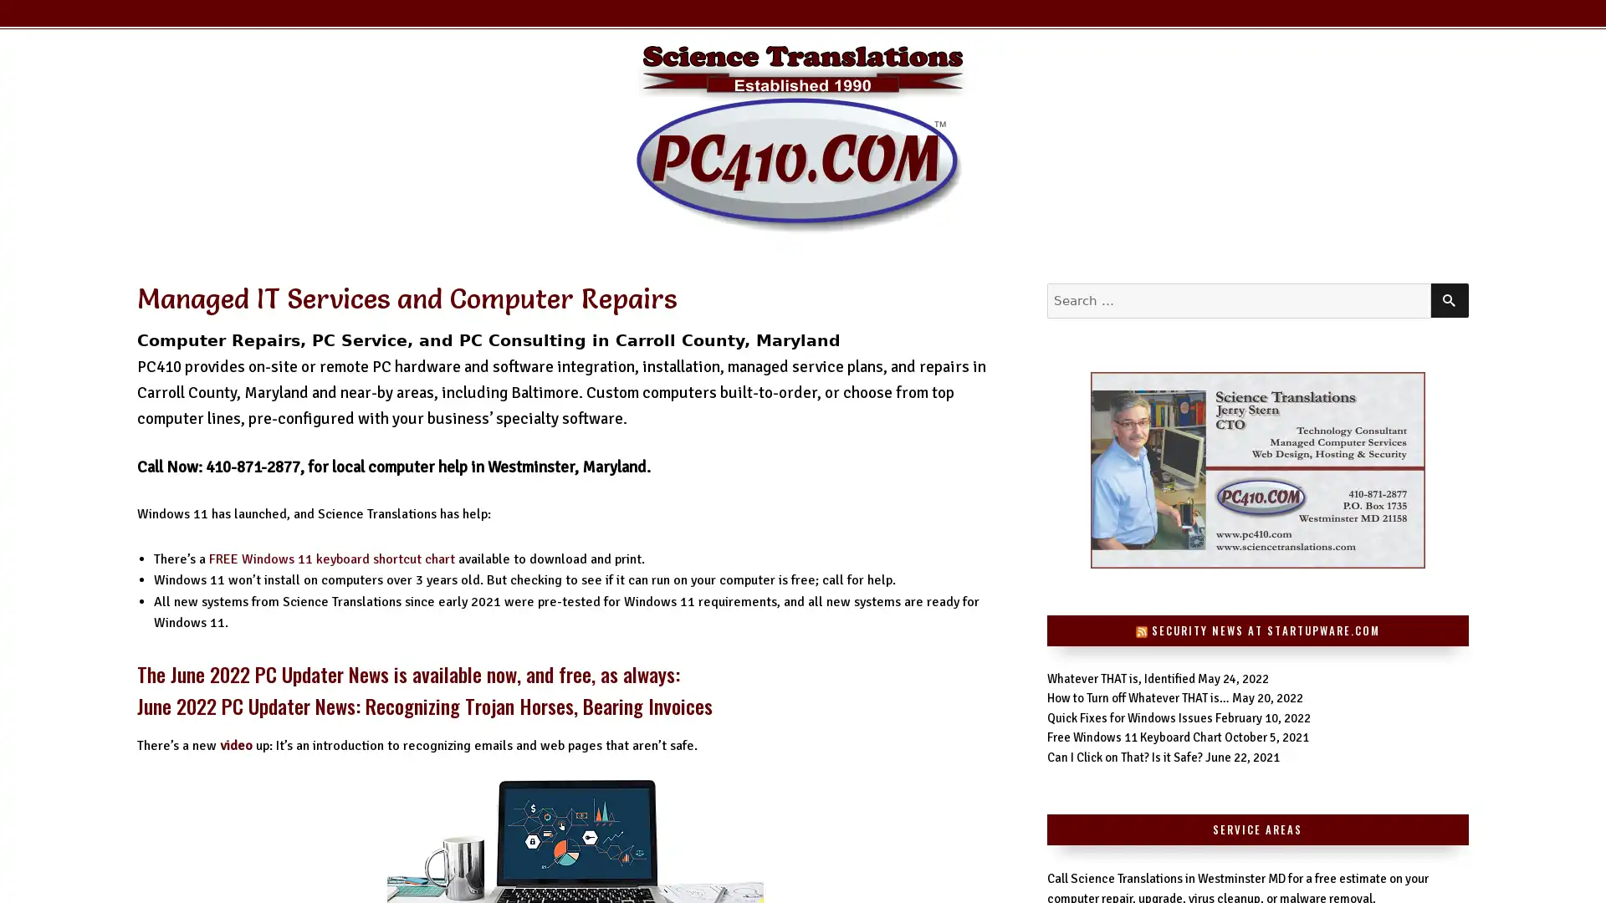  What do you see at coordinates (1448, 299) in the screenshot?
I see `SEARCH` at bounding box center [1448, 299].